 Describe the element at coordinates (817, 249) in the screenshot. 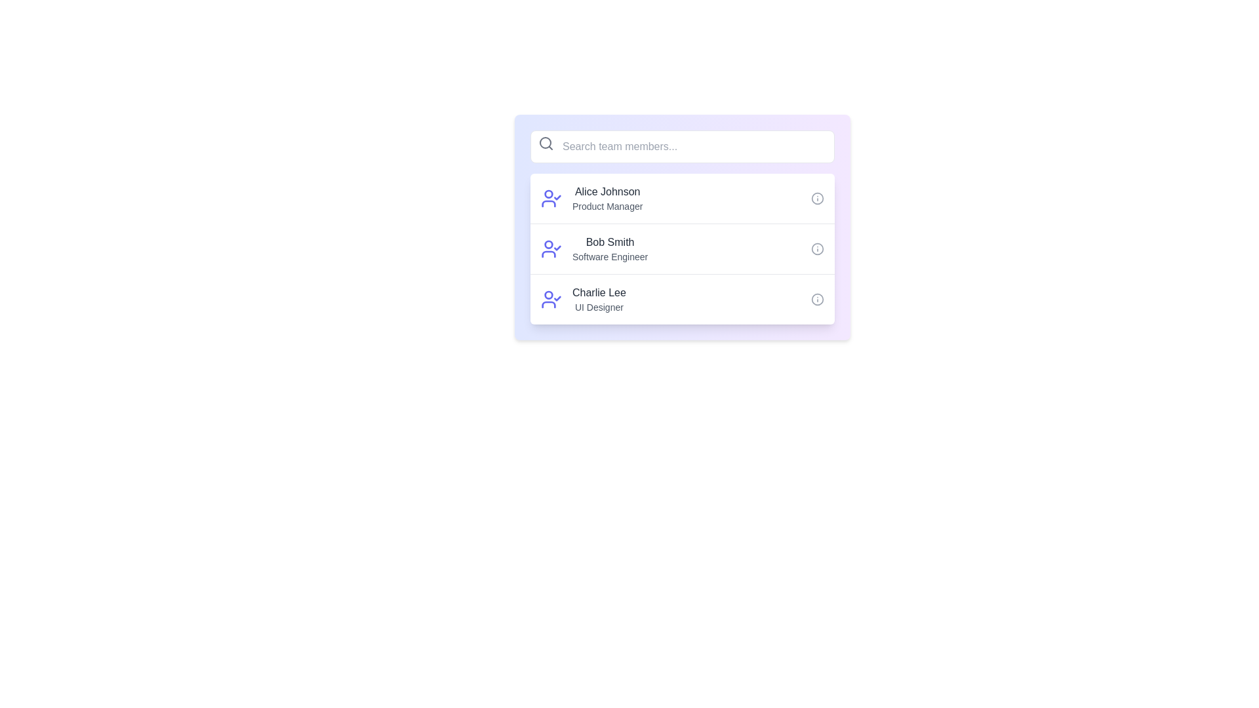

I see `the Circle icon that serves as an 'info' button located to the right of 'Bob Smith, Software Engineer'` at that location.